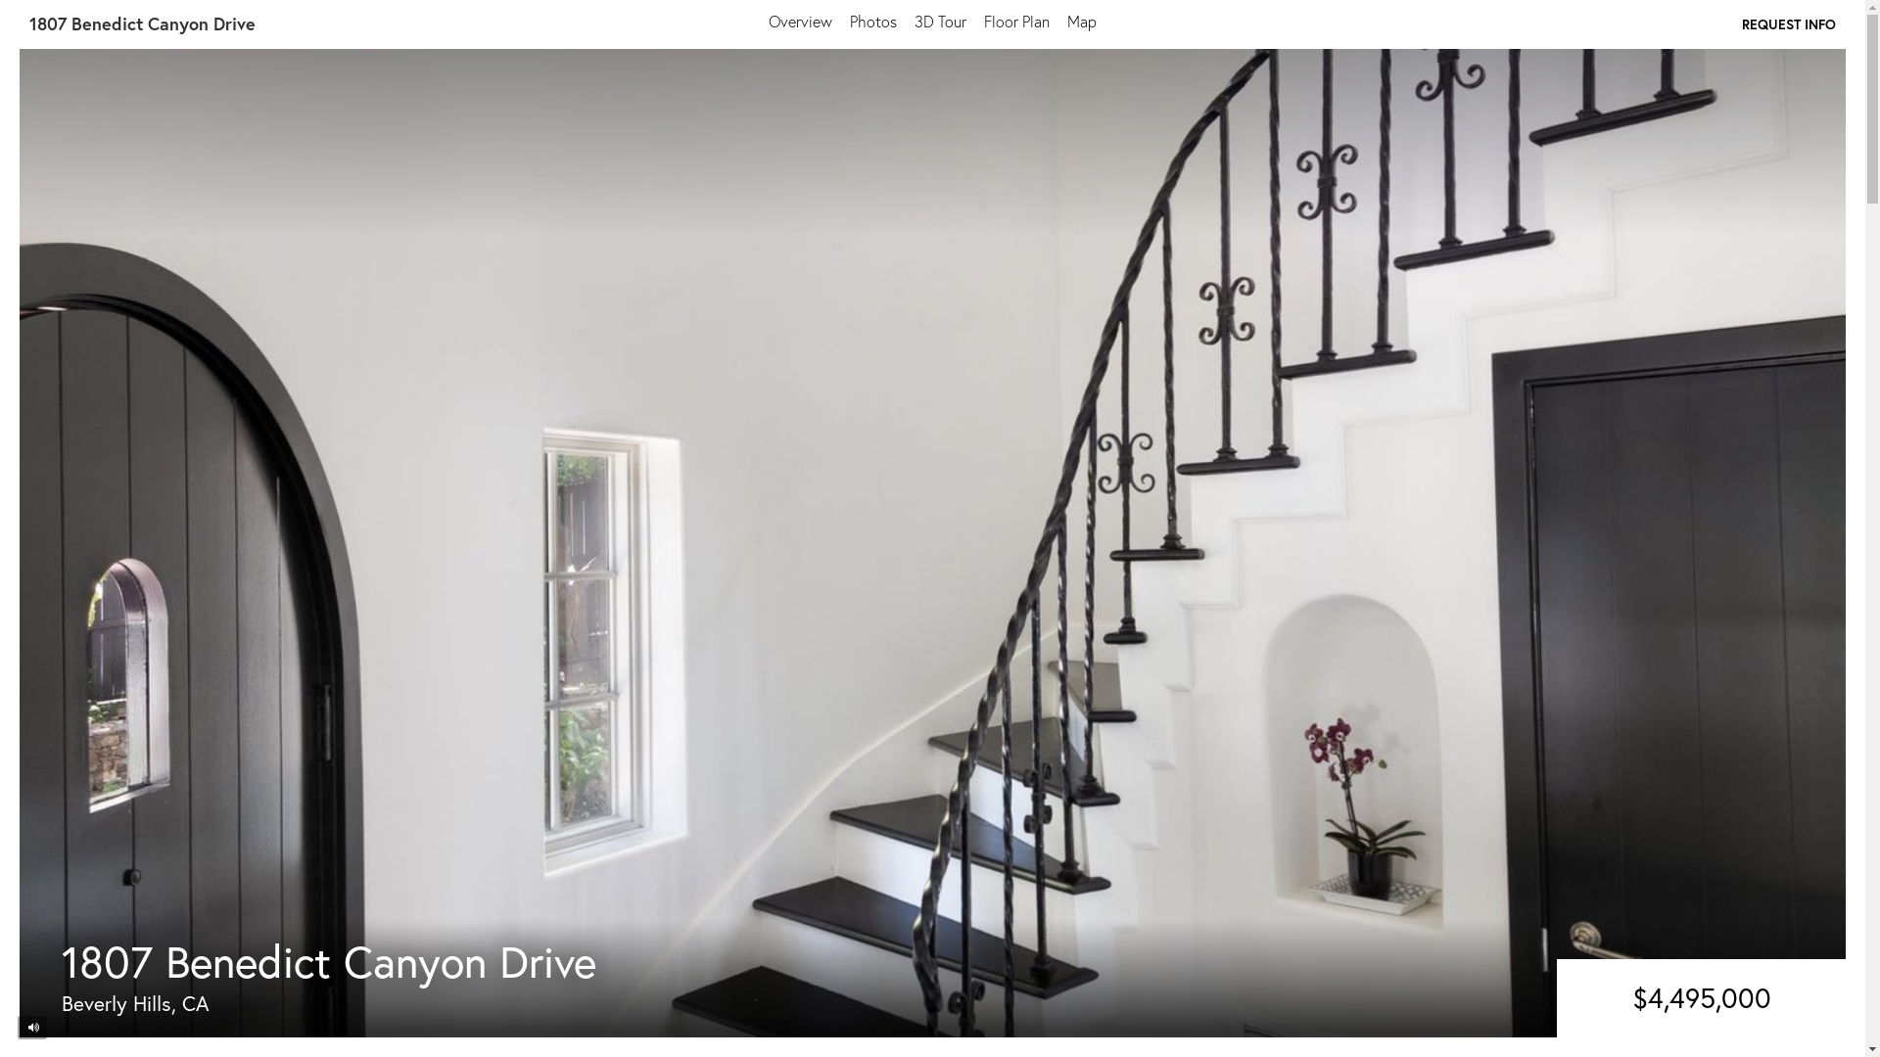 The width and height of the screenshot is (1880, 1057). What do you see at coordinates (800, 21) in the screenshot?
I see `'Overview'` at bounding box center [800, 21].